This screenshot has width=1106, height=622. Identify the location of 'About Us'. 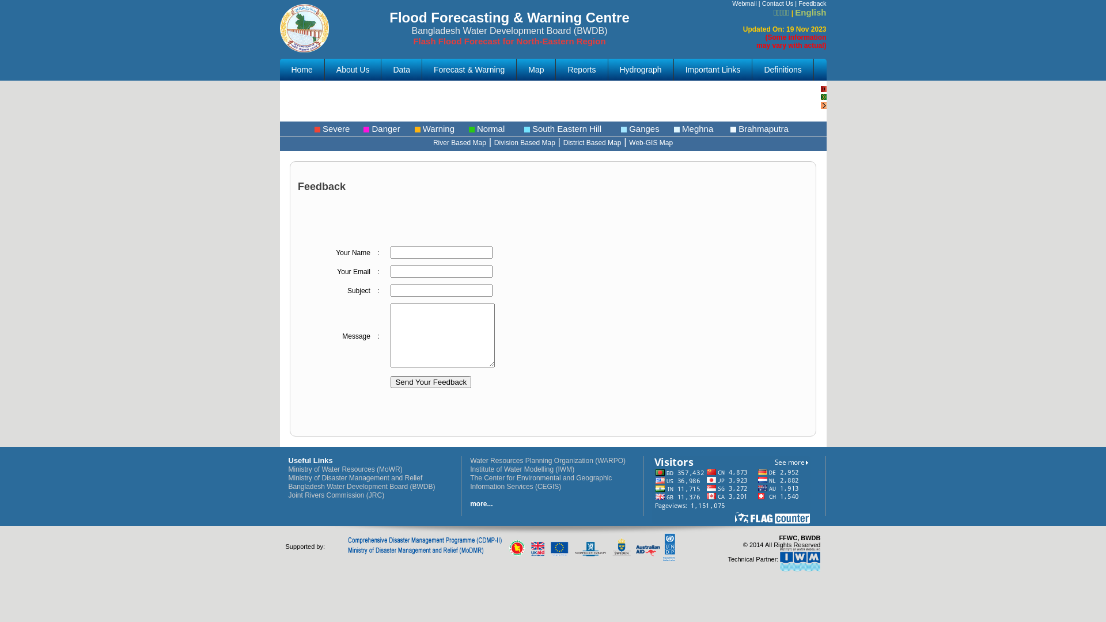
(353, 69).